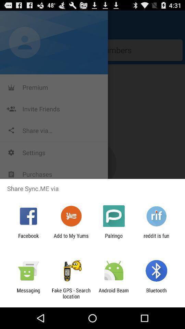 The image size is (185, 329). Describe the element at coordinates (71, 239) in the screenshot. I see `add to my item` at that location.